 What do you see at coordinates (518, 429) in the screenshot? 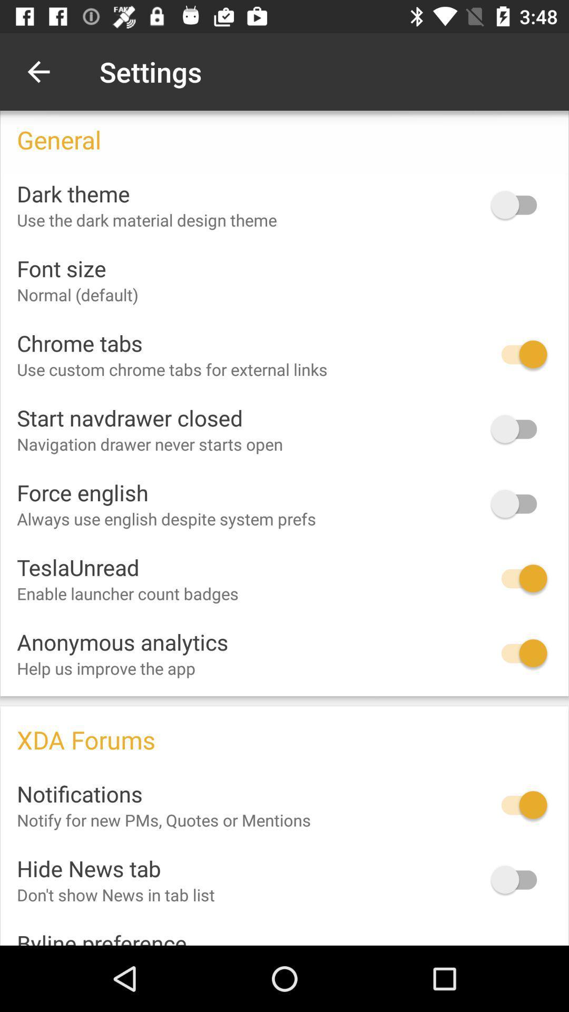
I see `on` at bounding box center [518, 429].